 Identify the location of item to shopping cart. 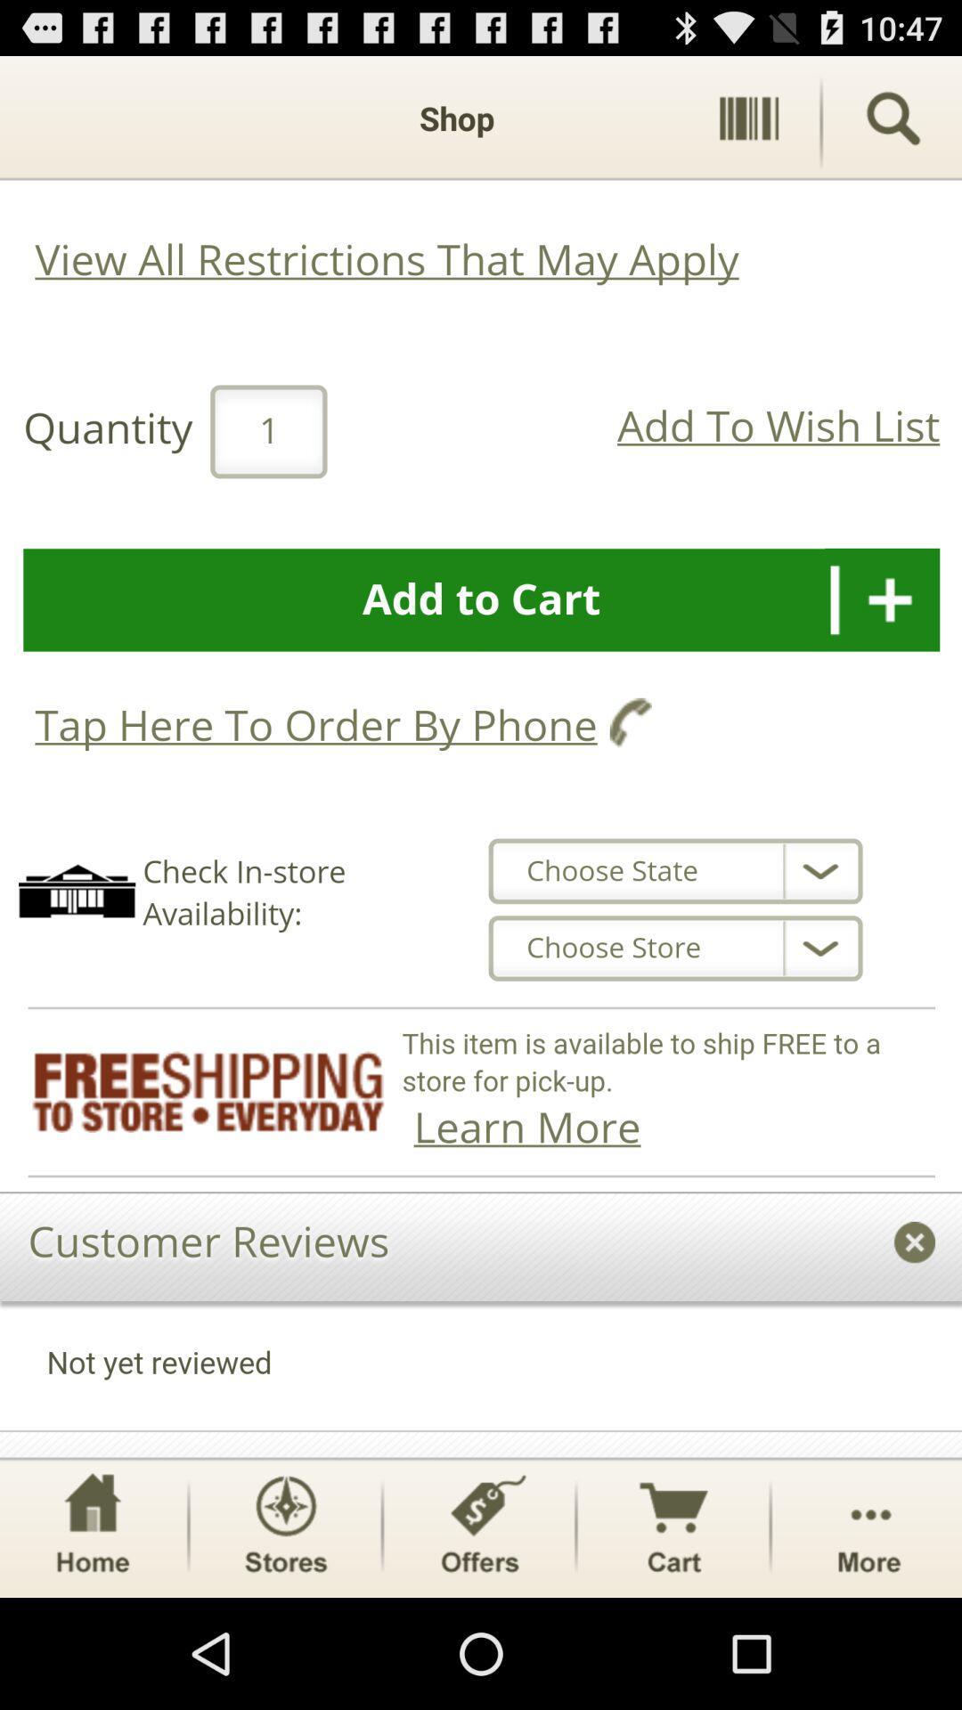
(481, 756).